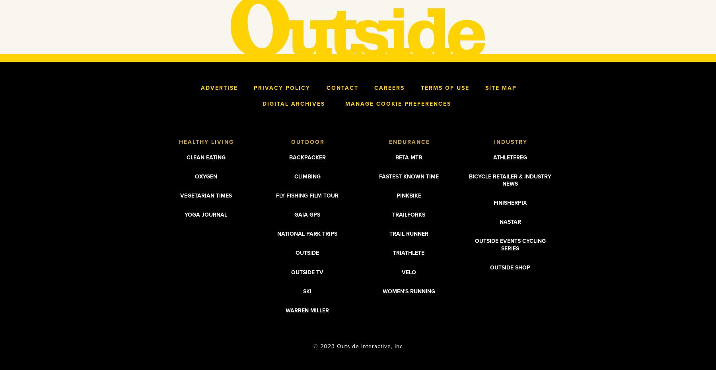 This screenshot has height=370, width=716. Describe the element at coordinates (358, 346) in the screenshot. I see `'© 2023 Outside Interactive, Inc'` at that location.